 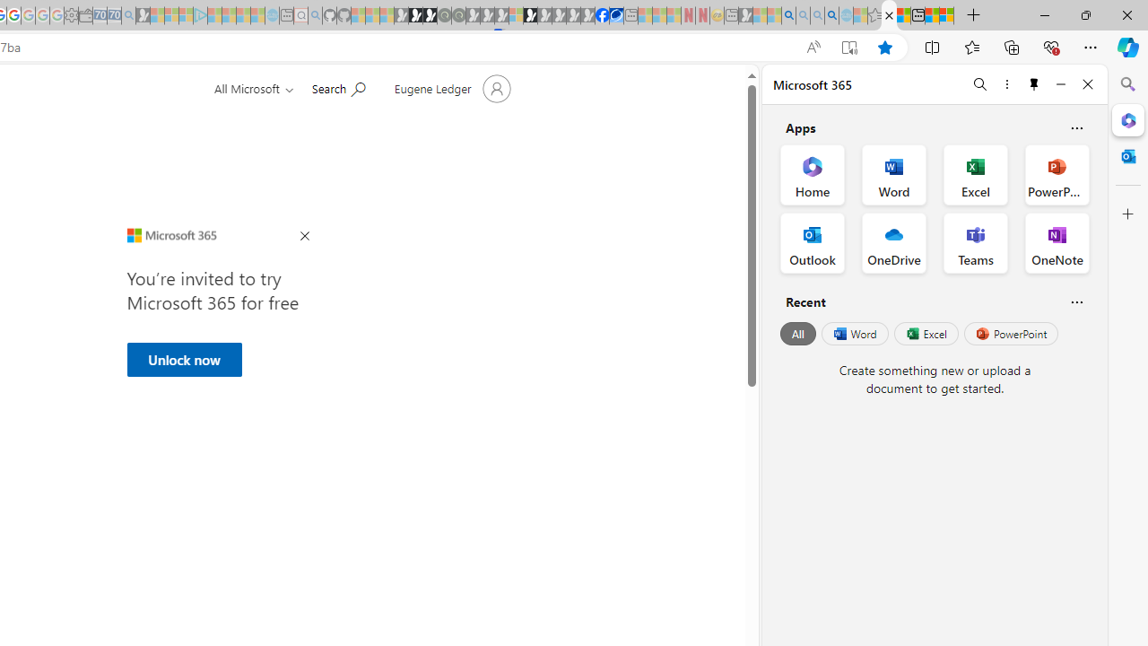 What do you see at coordinates (1076, 301) in the screenshot?
I see `'Is this helpful?'` at bounding box center [1076, 301].